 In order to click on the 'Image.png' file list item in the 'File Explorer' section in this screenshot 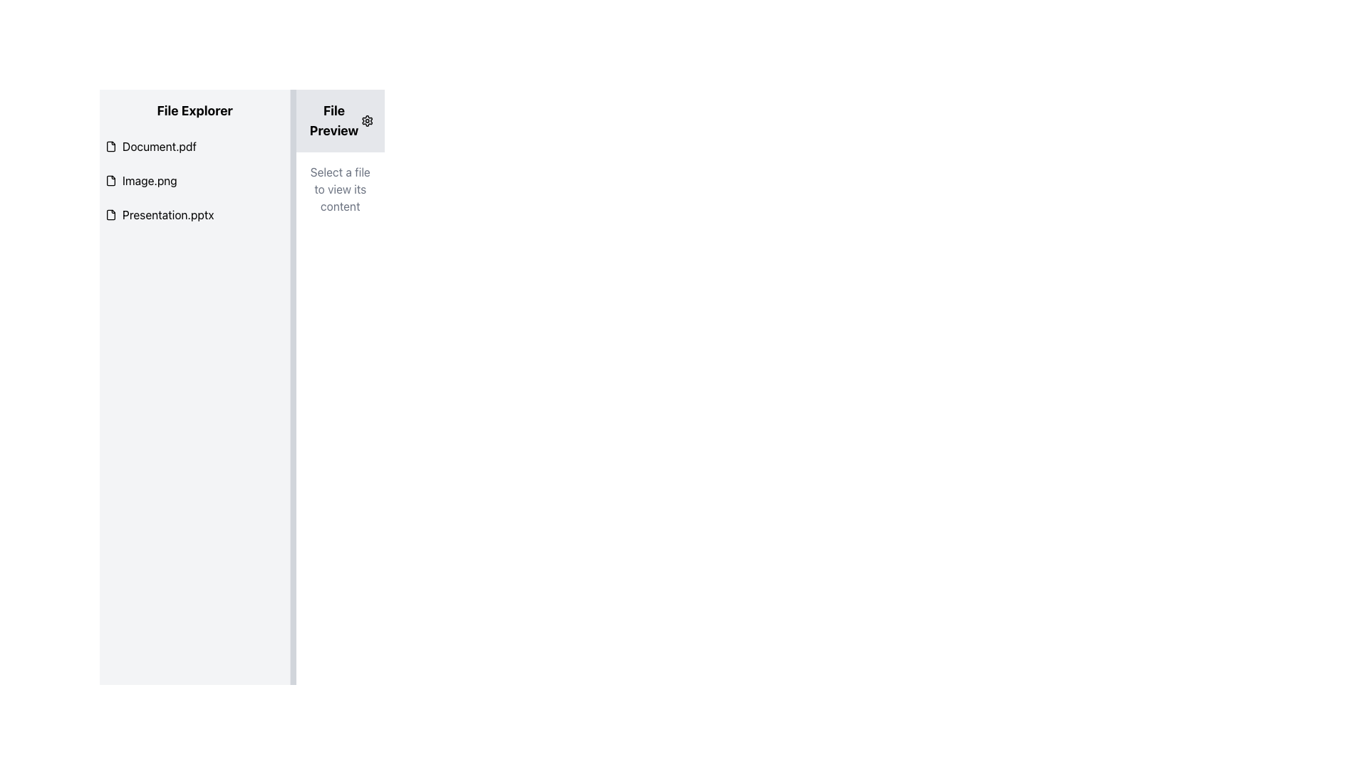, I will do `click(194, 180)`.